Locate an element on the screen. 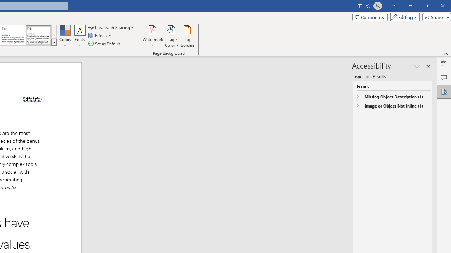  'Accessibility' is located at coordinates (444, 91).